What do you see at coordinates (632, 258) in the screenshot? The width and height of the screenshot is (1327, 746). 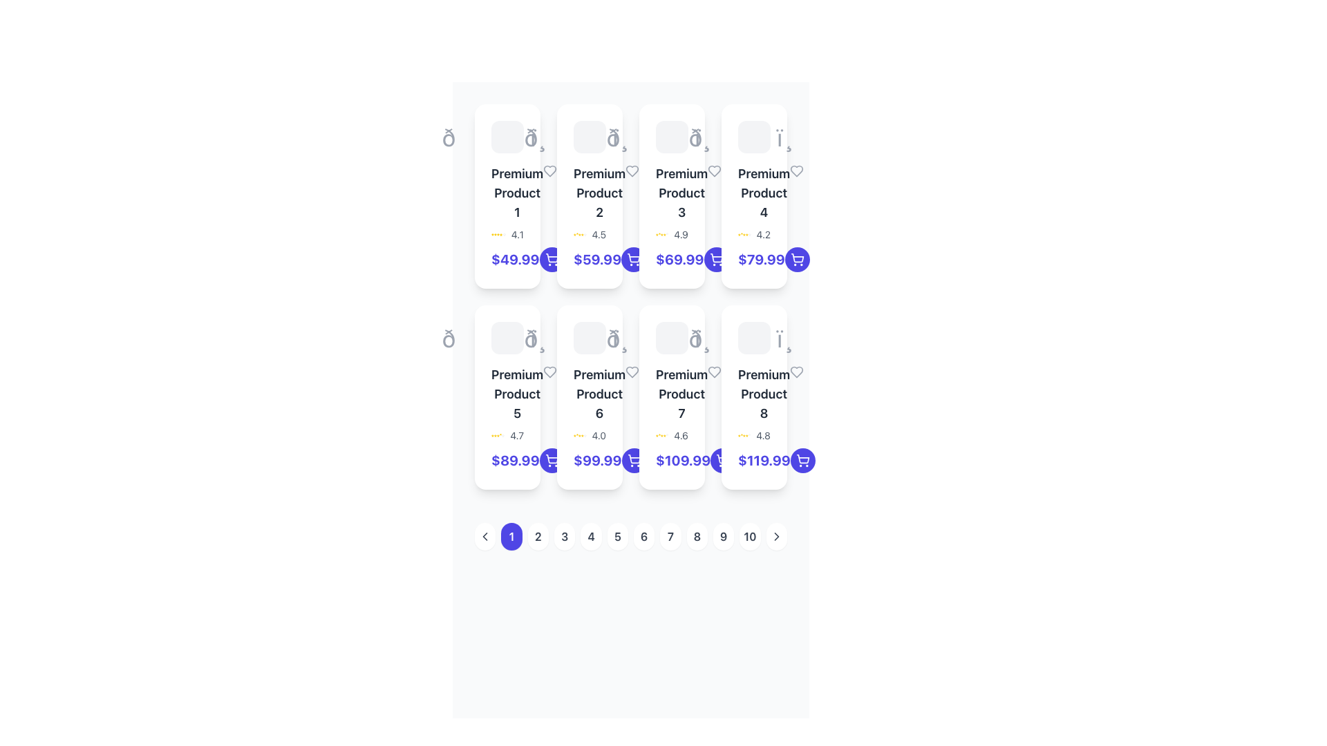 I see `the shopping cart icon` at bounding box center [632, 258].